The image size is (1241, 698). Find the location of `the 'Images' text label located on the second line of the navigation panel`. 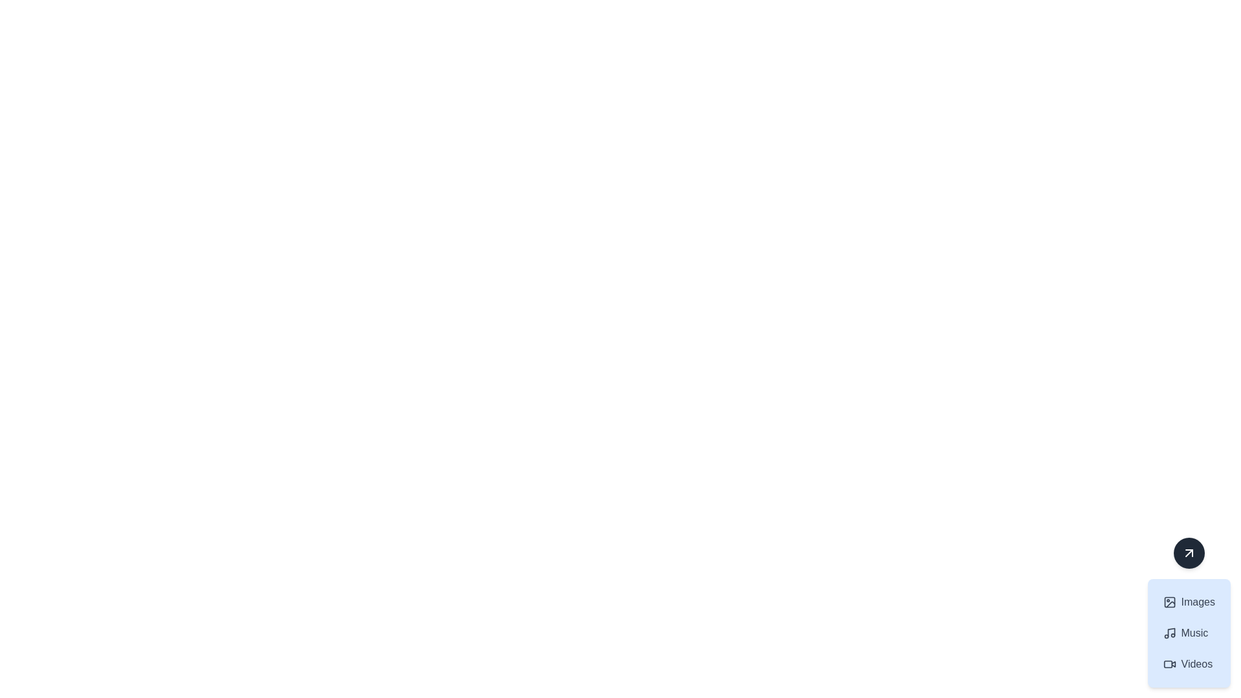

the 'Images' text label located on the second line of the navigation panel is located at coordinates (1197, 602).